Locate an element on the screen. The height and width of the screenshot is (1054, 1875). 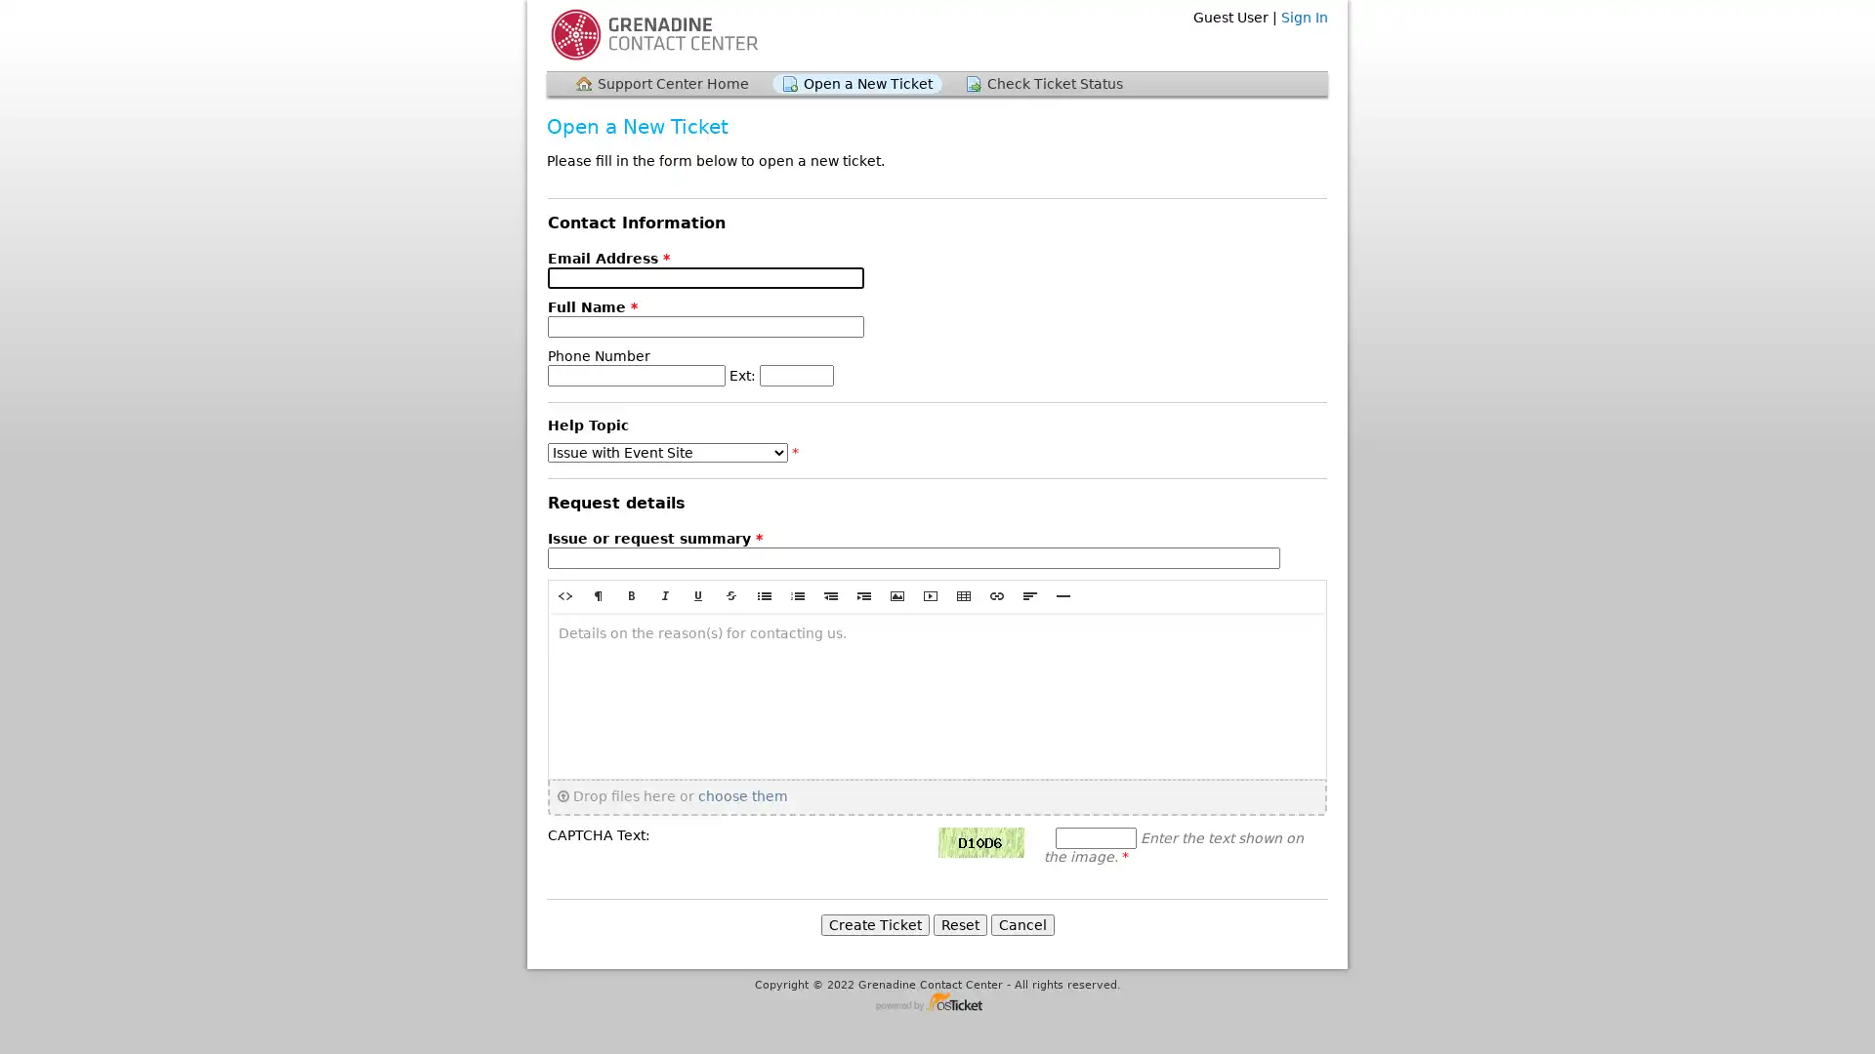
Deleted is located at coordinates (729, 594).